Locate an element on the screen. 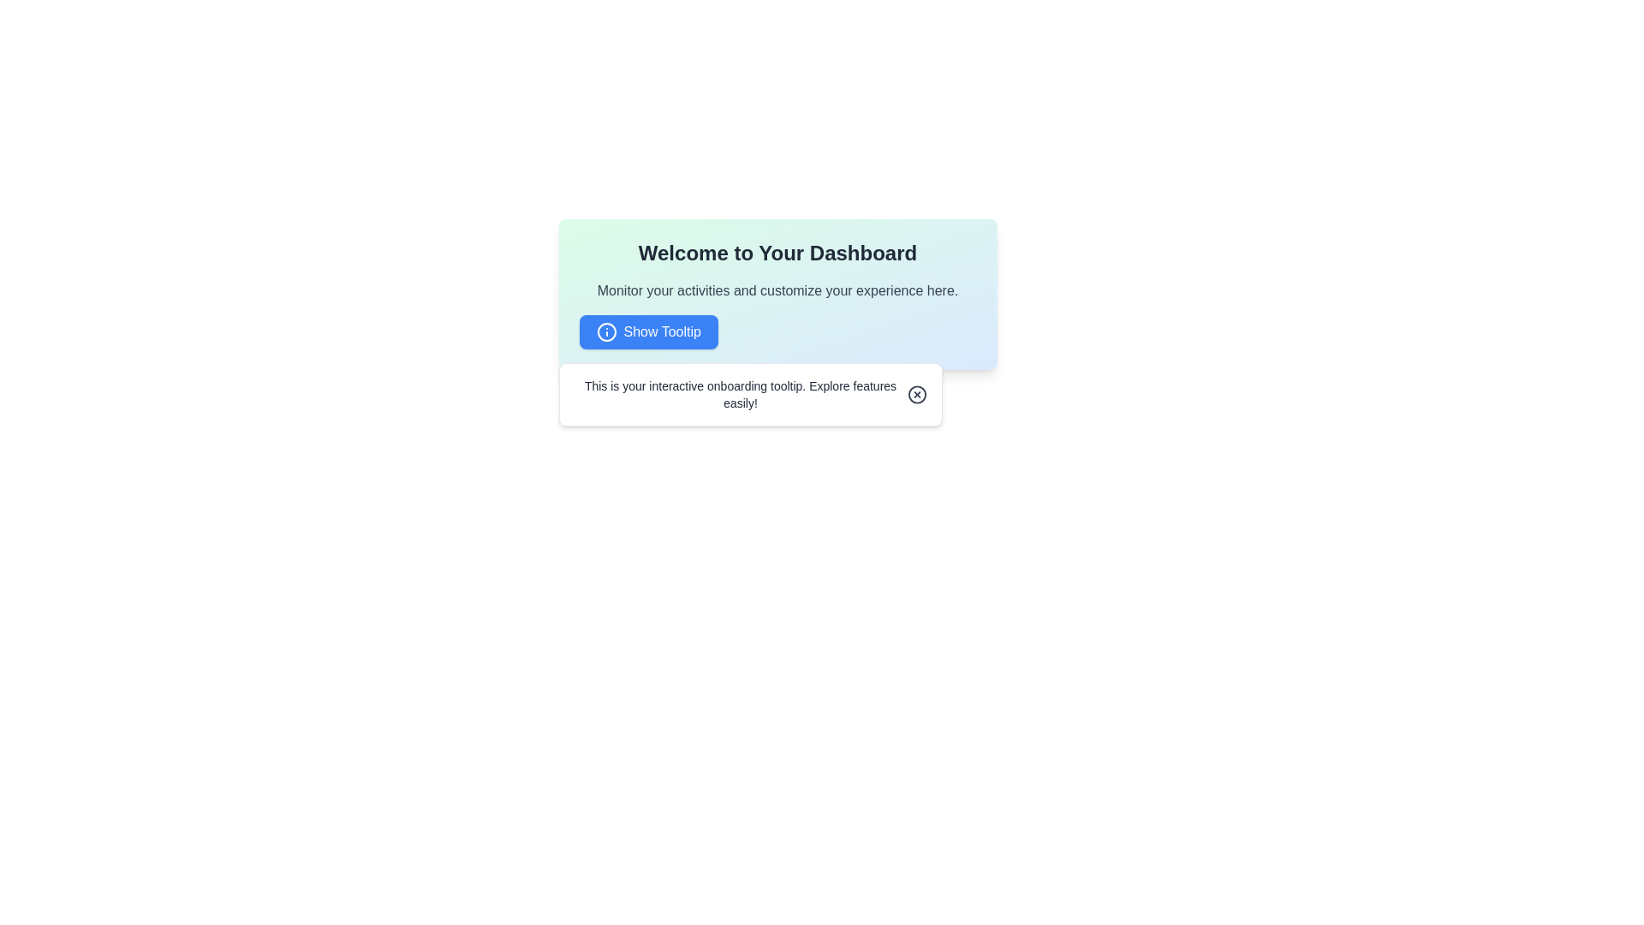 This screenshot has height=925, width=1644. descriptive static text that states 'Monitor your activities and customize your experience here.', which is styled in gray and positioned between a title above and a button labeled 'Show Tooltip' below is located at coordinates (777, 289).